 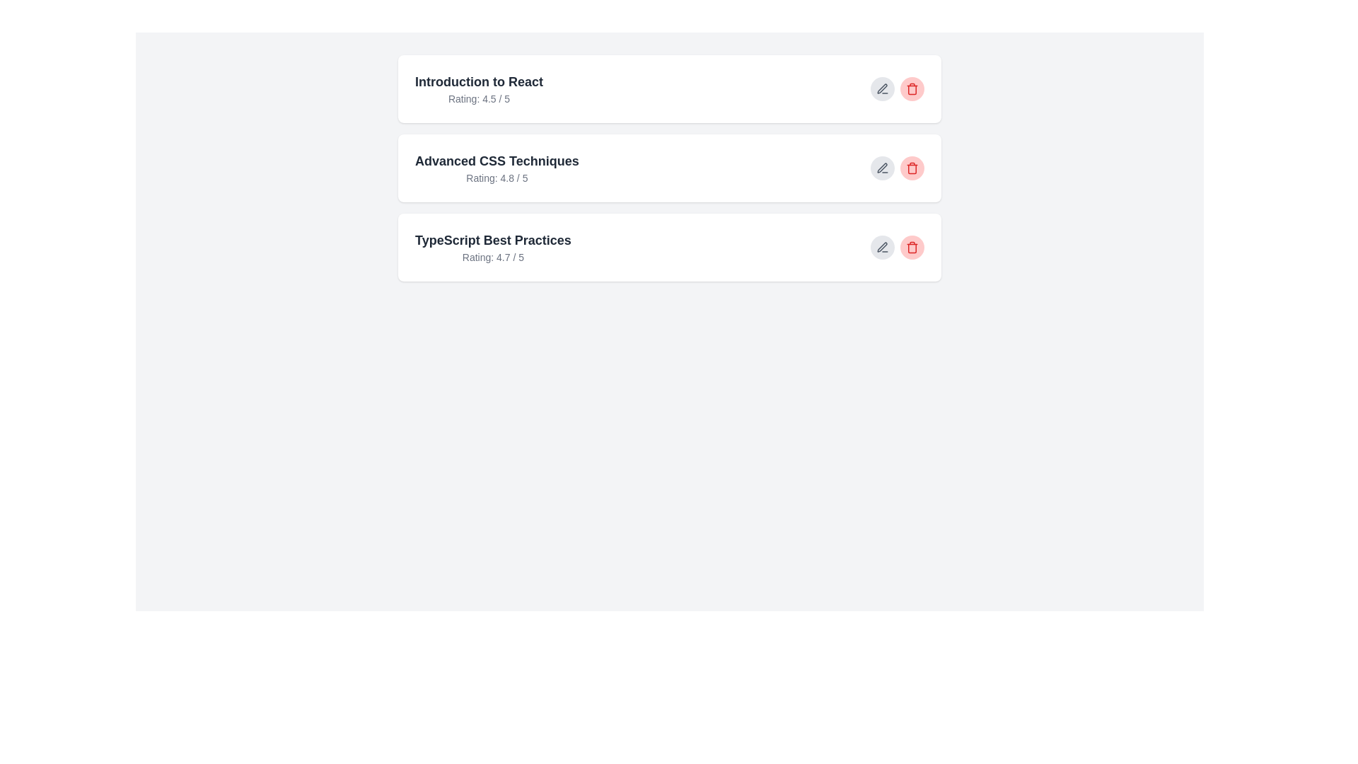 I want to click on the content of the text label displaying 'Rating: 4.8 / 5' located beneath the heading 'Advanced CSS Techniques', so click(x=497, y=177).